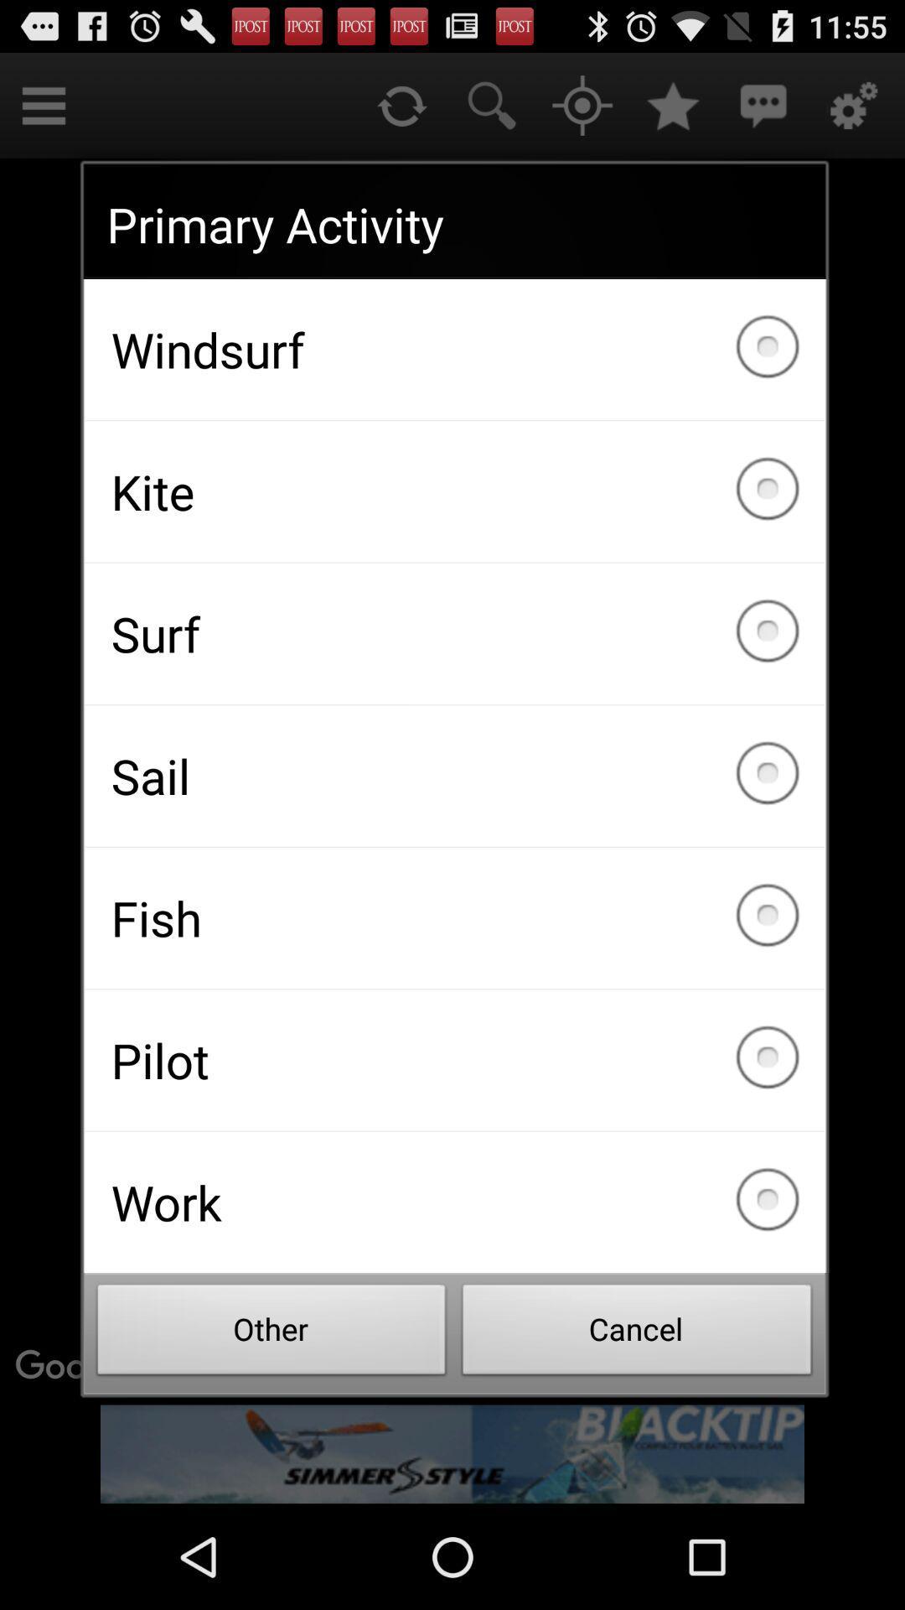 This screenshot has height=1610, width=905. What do you see at coordinates (637, 1333) in the screenshot?
I see `item below the work icon` at bounding box center [637, 1333].